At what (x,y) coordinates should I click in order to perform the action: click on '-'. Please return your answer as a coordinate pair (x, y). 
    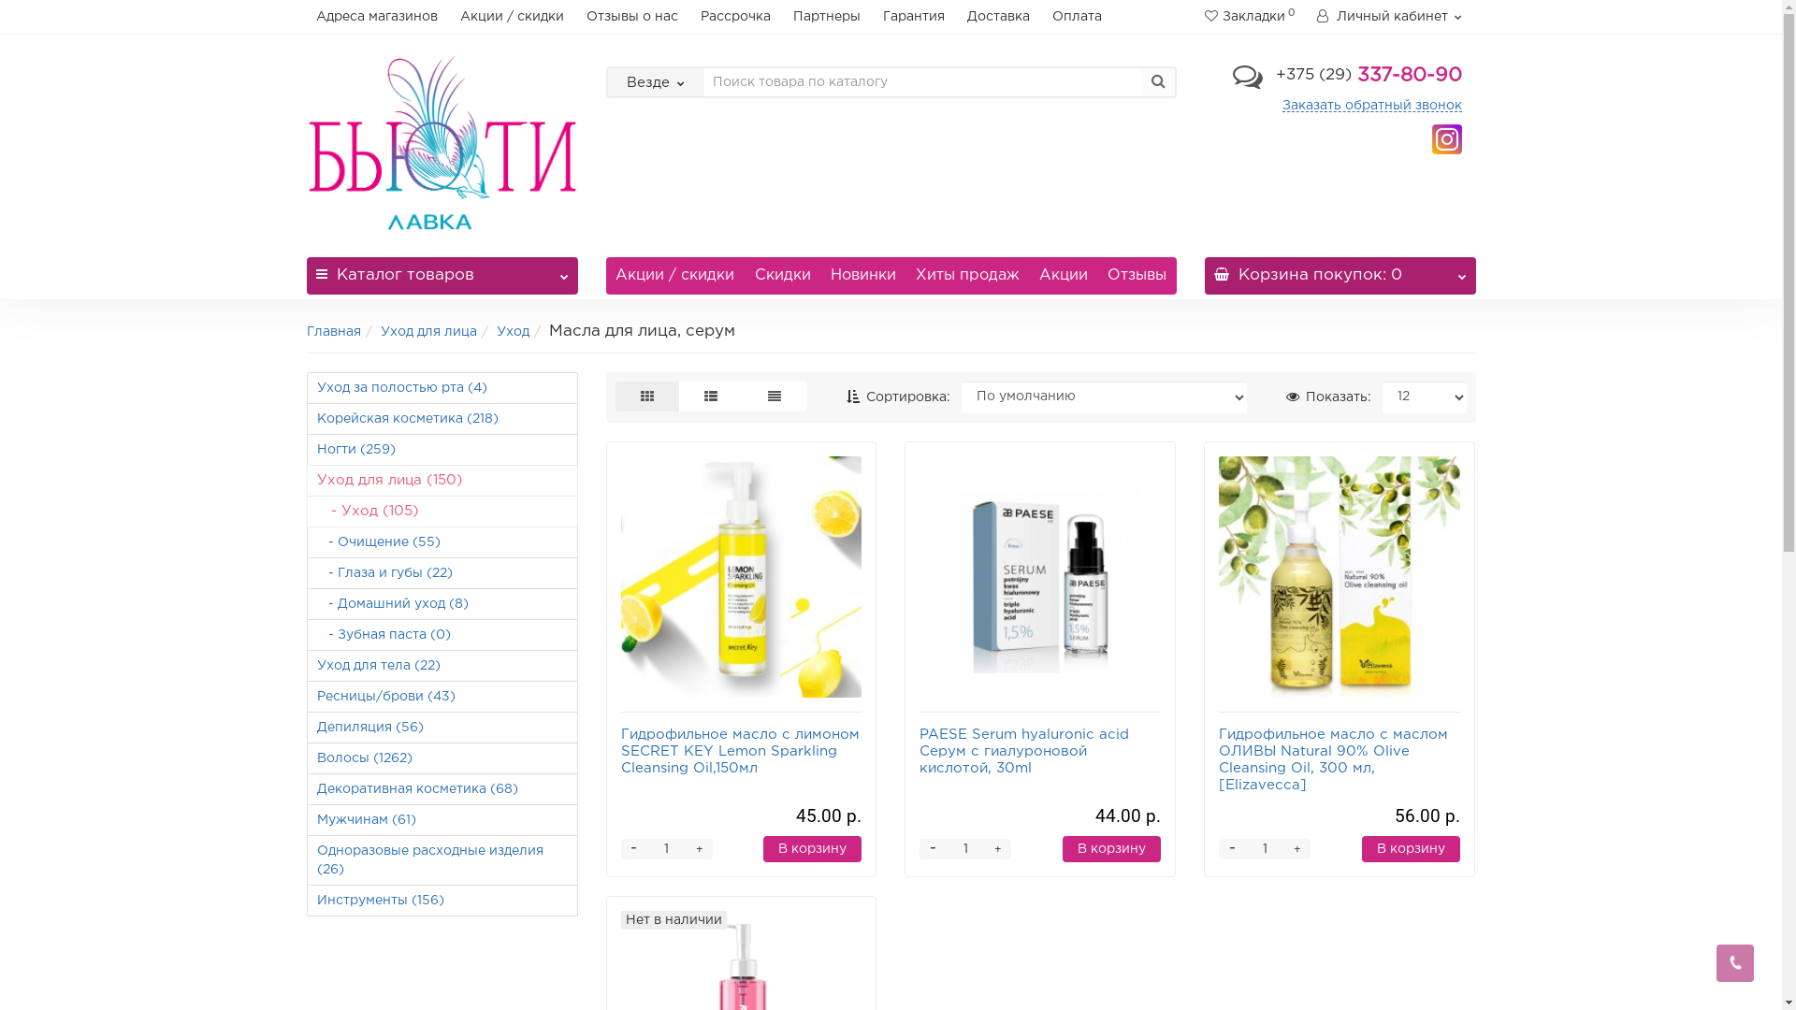
    Looking at the image, I should click on (632, 848).